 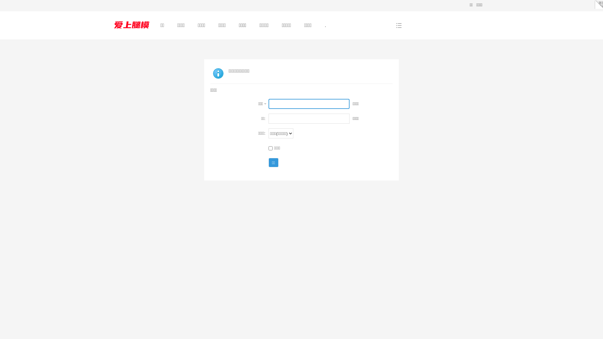 What do you see at coordinates (318, 25) in the screenshot?
I see `'.'` at bounding box center [318, 25].